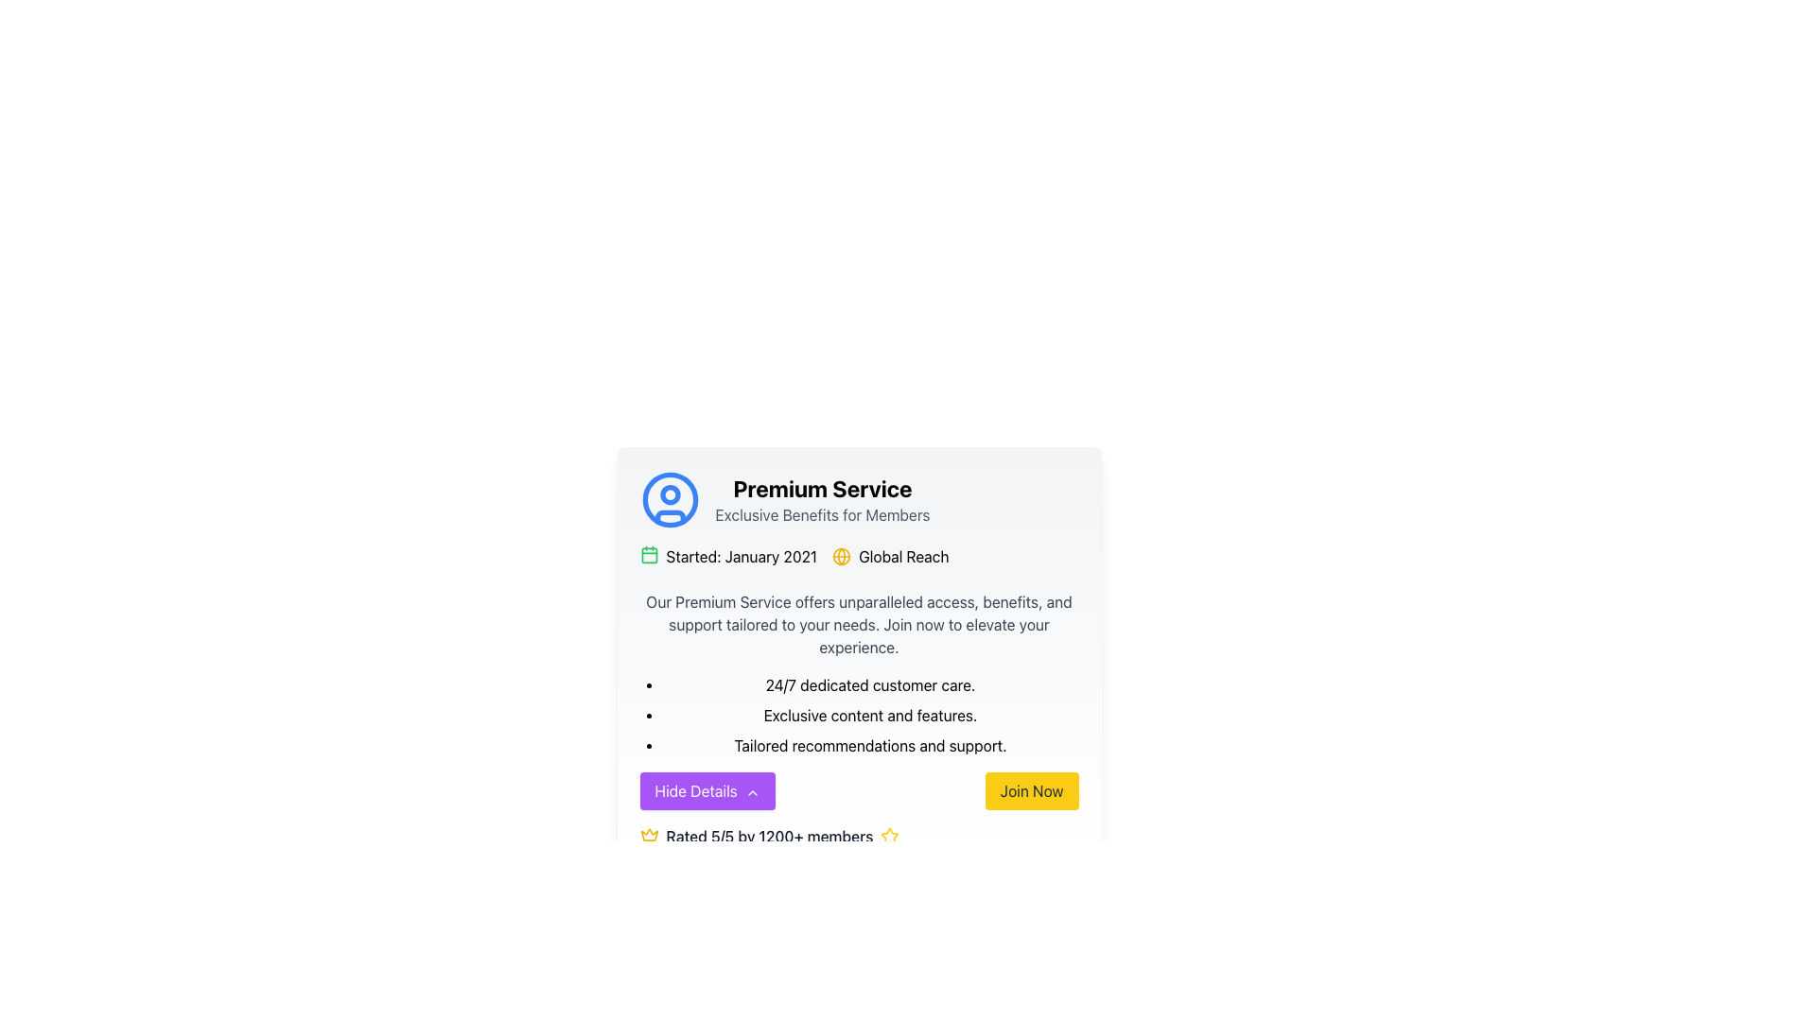 The height and width of the screenshot is (1021, 1816). I want to click on the text label providing starting date information related to the Premium Service card, which is the first item in a horizontal list below the title and subtitle, so click(727, 556).